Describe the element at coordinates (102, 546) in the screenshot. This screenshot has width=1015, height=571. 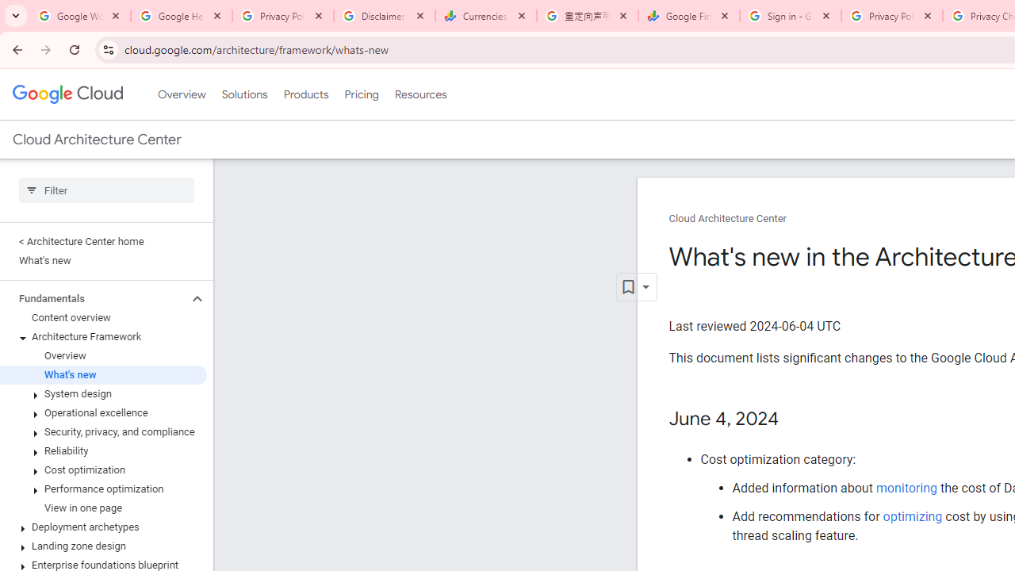
I see `'Landing zone design'` at that location.